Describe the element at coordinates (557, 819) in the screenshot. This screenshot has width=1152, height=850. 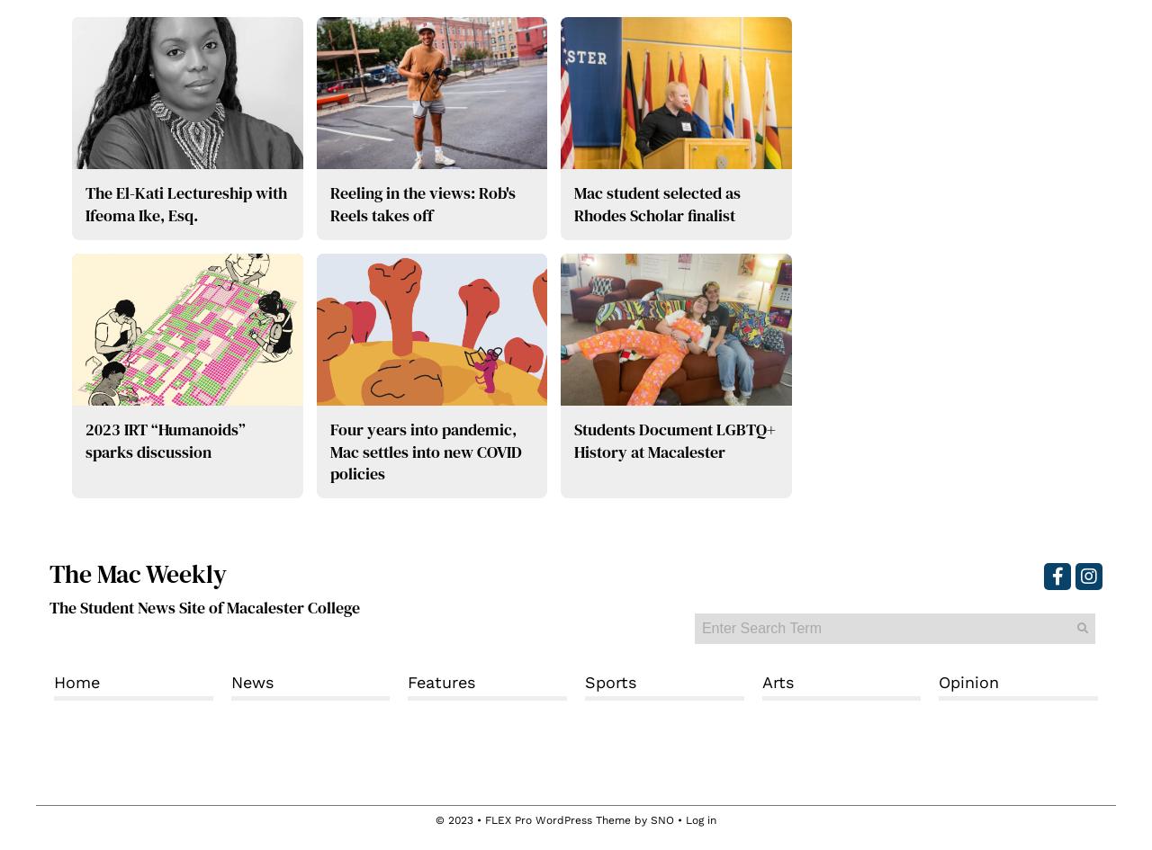
I see `'FLEX Pro WordPress Theme'` at that location.